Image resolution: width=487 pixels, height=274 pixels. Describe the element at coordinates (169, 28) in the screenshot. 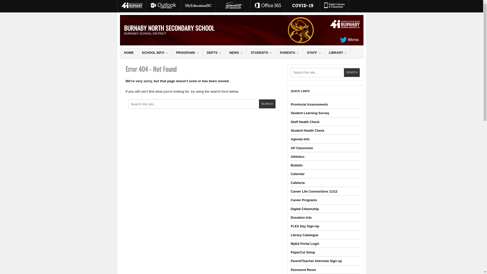

I see `'BURNABY NORTH SECONDARY SCHOOL'` at that location.